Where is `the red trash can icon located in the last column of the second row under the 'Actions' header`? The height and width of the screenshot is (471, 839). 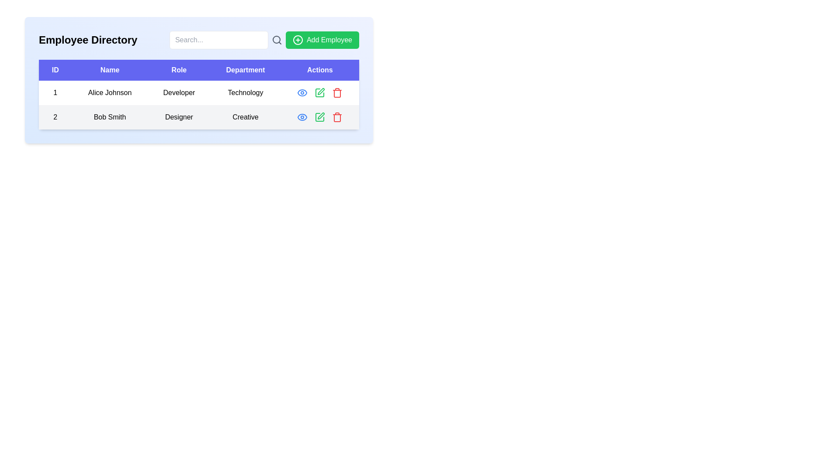
the red trash can icon located in the last column of the second row under the 'Actions' header is located at coordinates (337, 117).